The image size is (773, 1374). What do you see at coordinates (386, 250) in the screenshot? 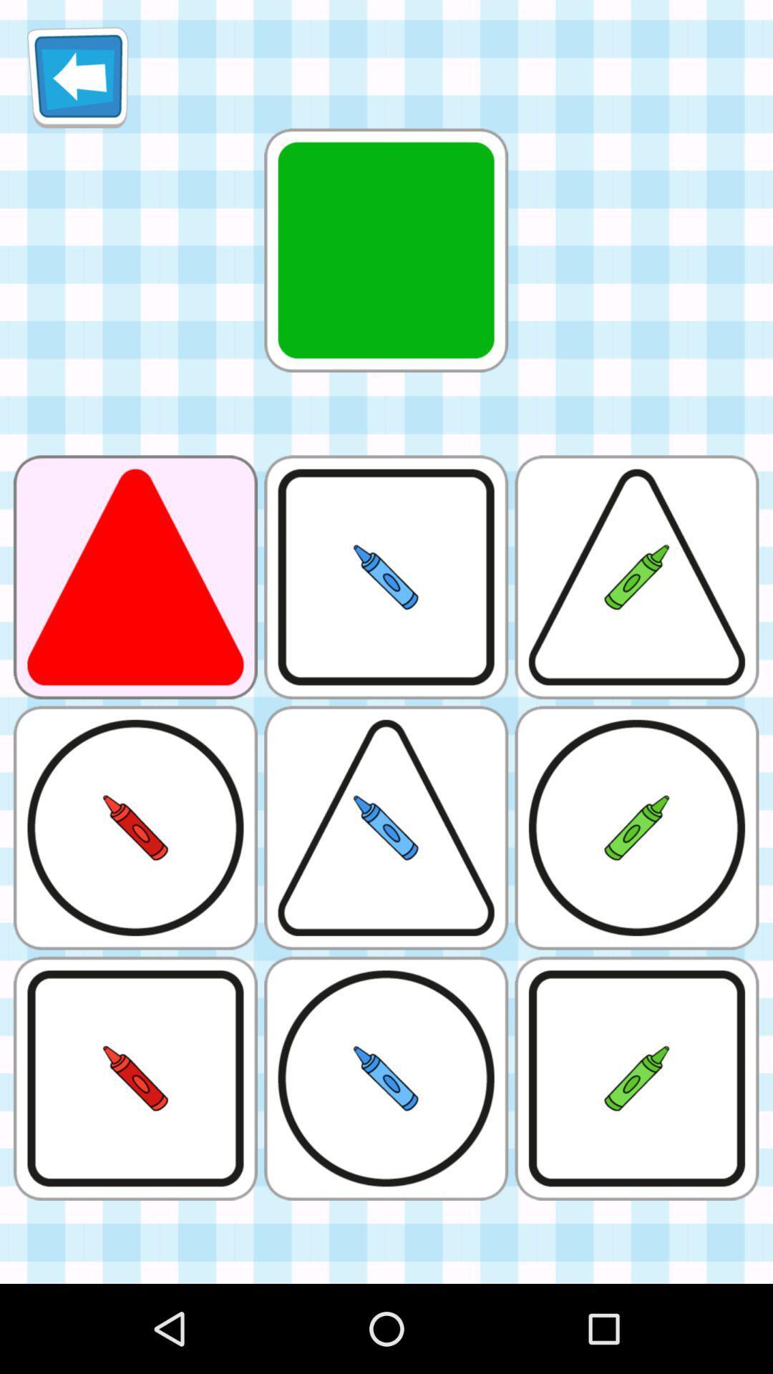
I see `the green box` at bounding box center [386, 250].